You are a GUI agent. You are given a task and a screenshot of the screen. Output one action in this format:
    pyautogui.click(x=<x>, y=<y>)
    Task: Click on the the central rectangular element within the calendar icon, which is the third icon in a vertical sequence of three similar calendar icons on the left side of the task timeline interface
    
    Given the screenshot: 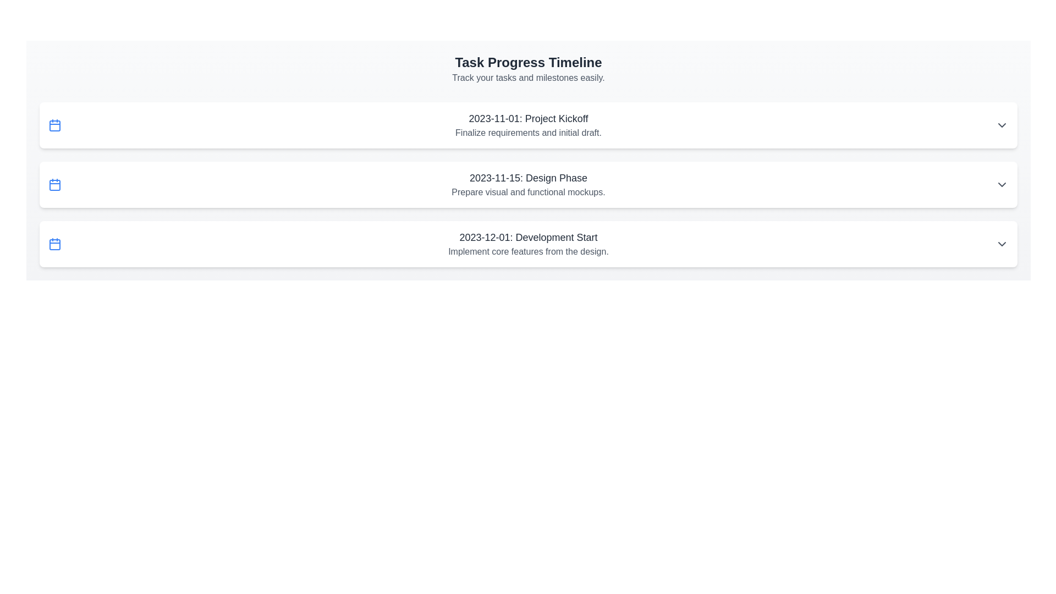 What is the action you would take?
    pyautogui.click(x=54, y=184)
    